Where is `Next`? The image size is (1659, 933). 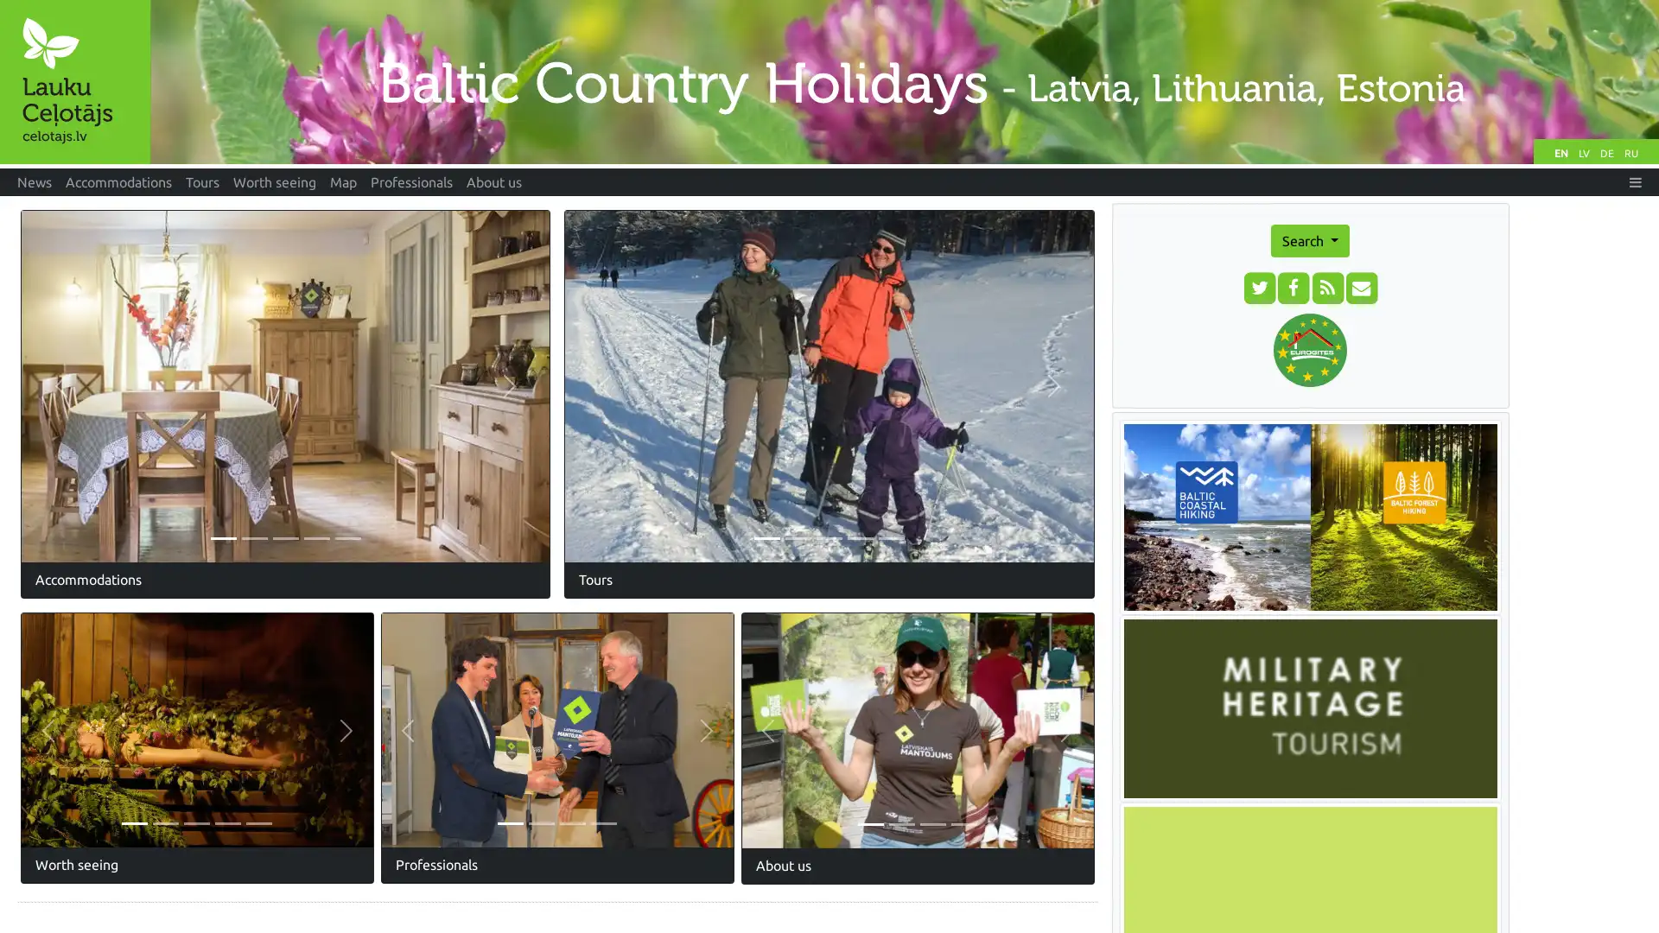 Next is located at coordinates (346, 730).